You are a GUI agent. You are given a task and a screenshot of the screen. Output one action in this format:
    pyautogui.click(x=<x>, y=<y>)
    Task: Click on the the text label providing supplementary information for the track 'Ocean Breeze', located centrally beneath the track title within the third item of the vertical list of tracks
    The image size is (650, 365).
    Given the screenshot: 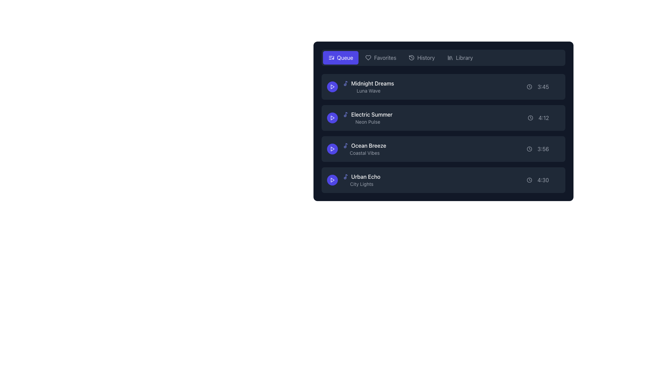 What is the action you would take?
    pyautogui.click(x=364, y=153)
    